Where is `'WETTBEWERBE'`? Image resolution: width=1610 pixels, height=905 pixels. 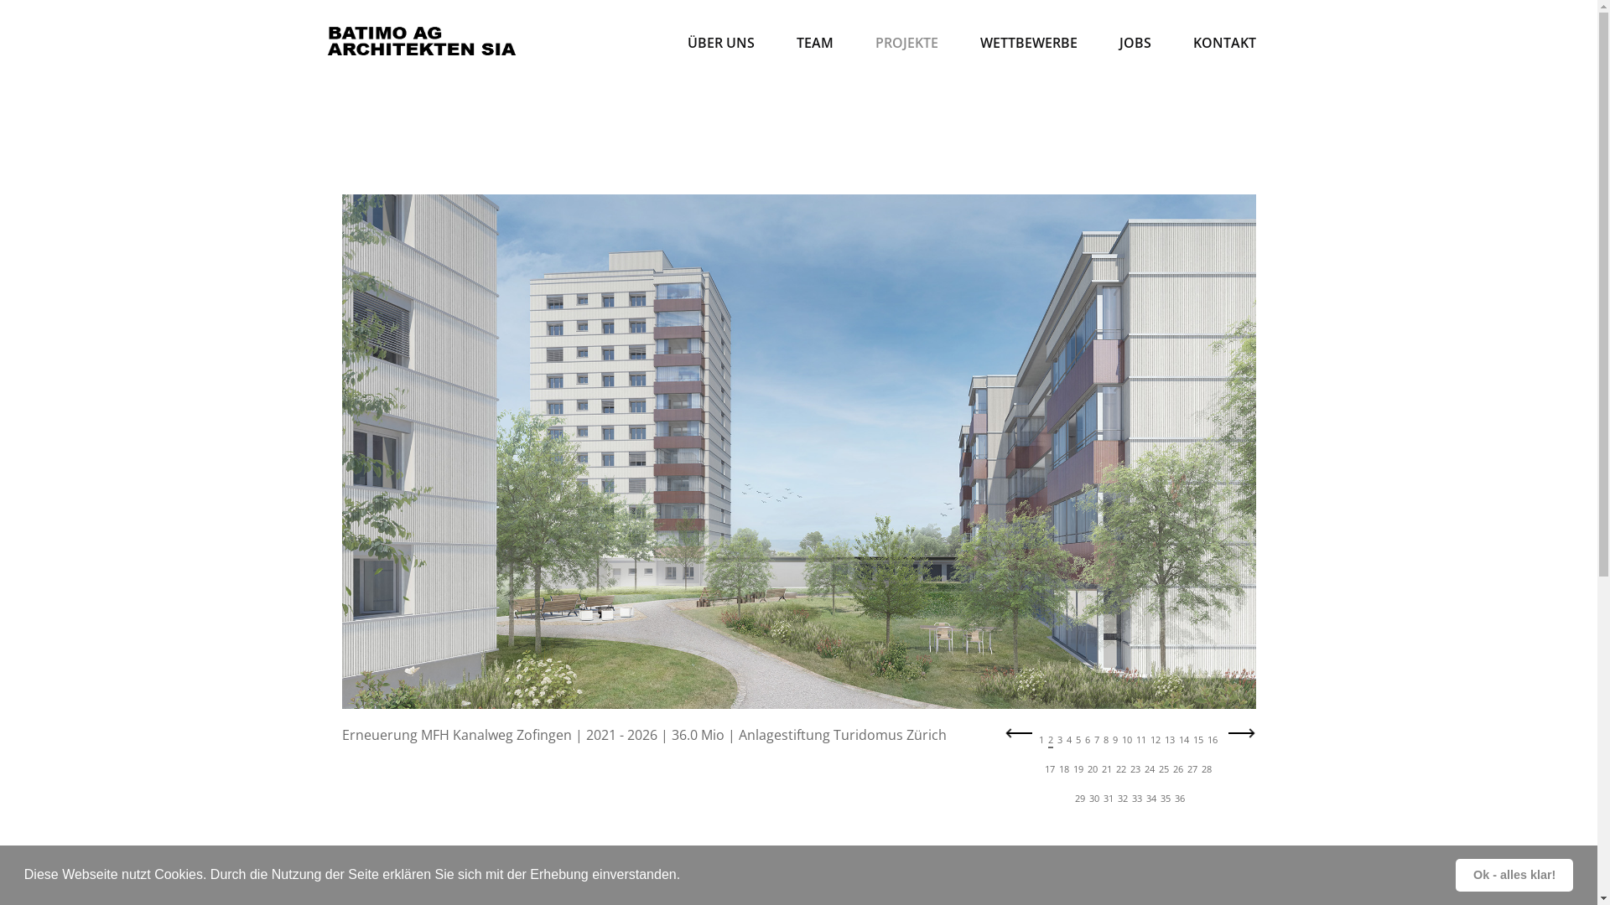
'WETTBEWERBE' is located at coordinates (1028, 41).